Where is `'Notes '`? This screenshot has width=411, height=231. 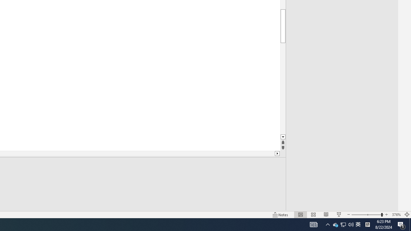 'Notes ' is located at coordinates (281, 215).